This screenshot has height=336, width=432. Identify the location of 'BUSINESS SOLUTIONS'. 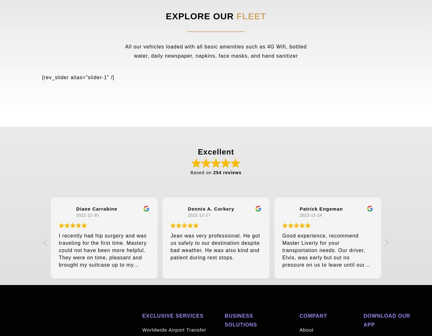
(240, 320).